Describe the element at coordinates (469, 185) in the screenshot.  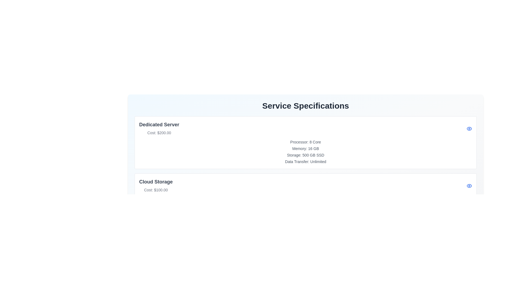
I see `the eye-shaped icon button with a blue outline located in the lower right corner of the 'Cloud Storage' card` at that location.